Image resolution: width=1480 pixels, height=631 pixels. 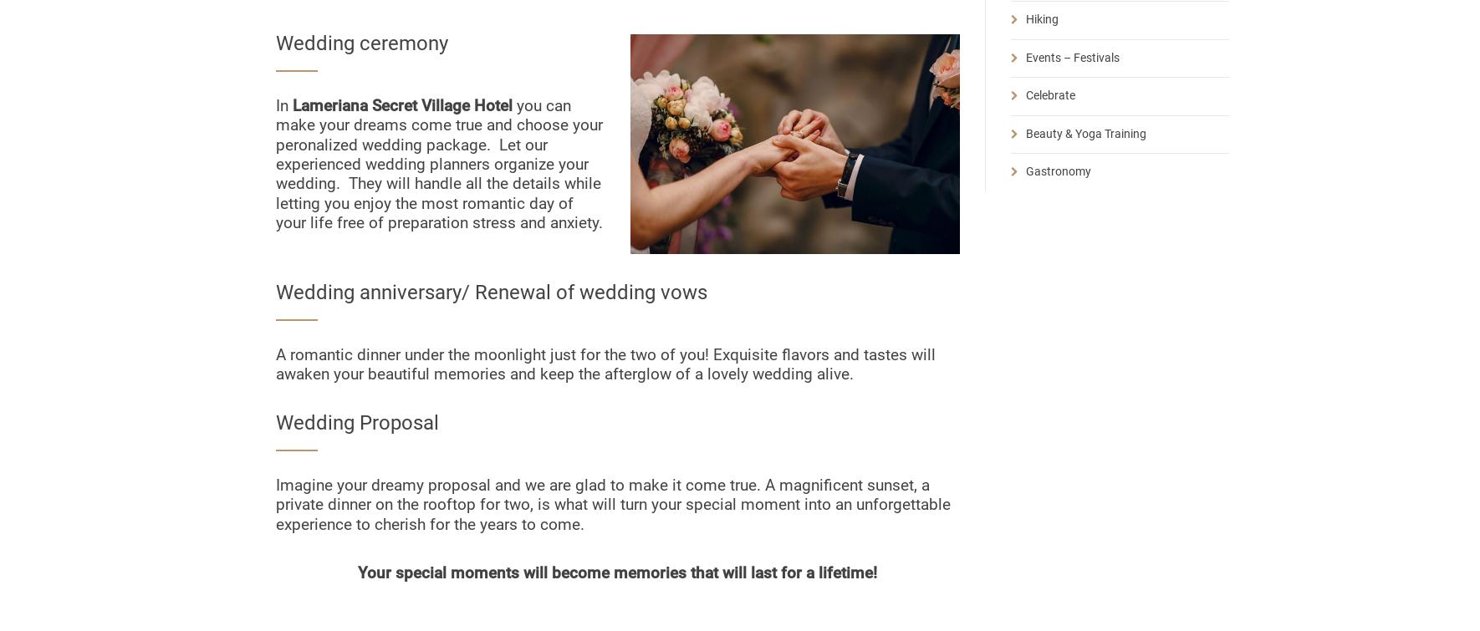 I want to click on 'Beauty & Yoga Training', so click(x=1084, y=133).